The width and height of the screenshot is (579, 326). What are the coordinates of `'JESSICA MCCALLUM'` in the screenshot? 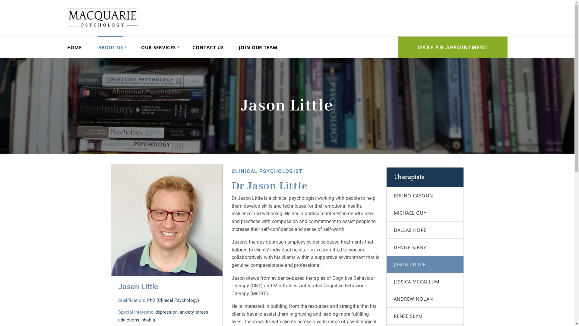 It's located at (425, 282).